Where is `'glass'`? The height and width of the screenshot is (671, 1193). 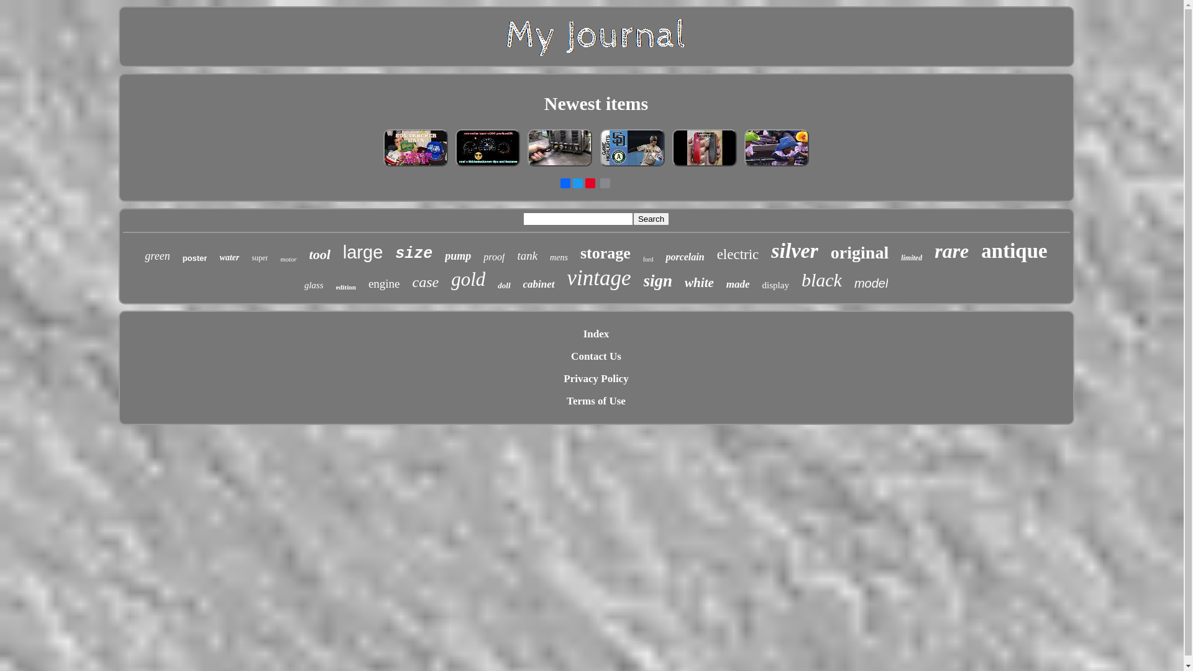 'glass' is located at coordinates (314, 285).